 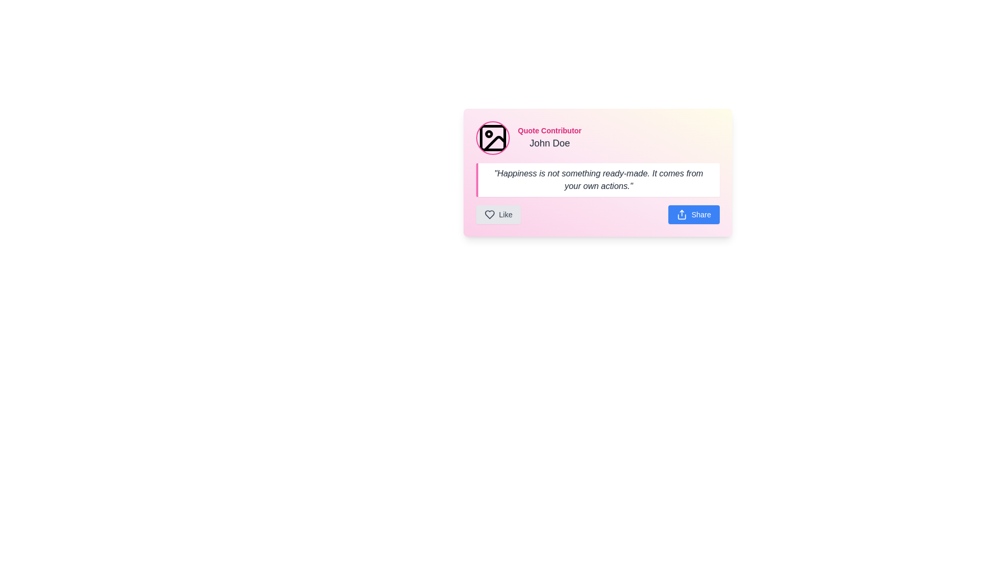 I want to click on the heart icon representing the 'Like' button, so click(x=489, y=214).